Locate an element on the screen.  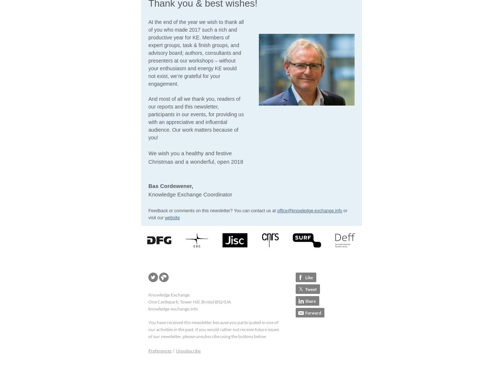
'website' is located at coordinates (172, 217).